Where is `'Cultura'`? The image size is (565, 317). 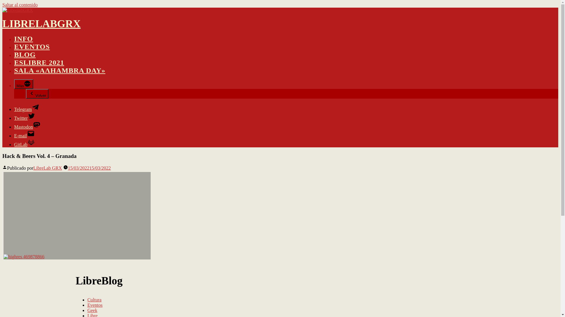 'Cultura' is located at coordinates (94, 300).